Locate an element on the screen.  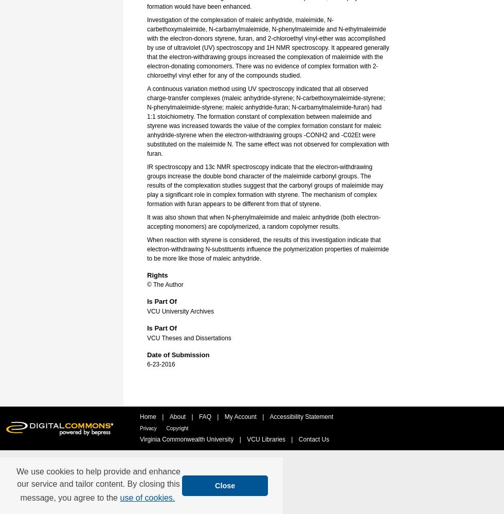
'Copyright' is located at coordinates (177, 428).